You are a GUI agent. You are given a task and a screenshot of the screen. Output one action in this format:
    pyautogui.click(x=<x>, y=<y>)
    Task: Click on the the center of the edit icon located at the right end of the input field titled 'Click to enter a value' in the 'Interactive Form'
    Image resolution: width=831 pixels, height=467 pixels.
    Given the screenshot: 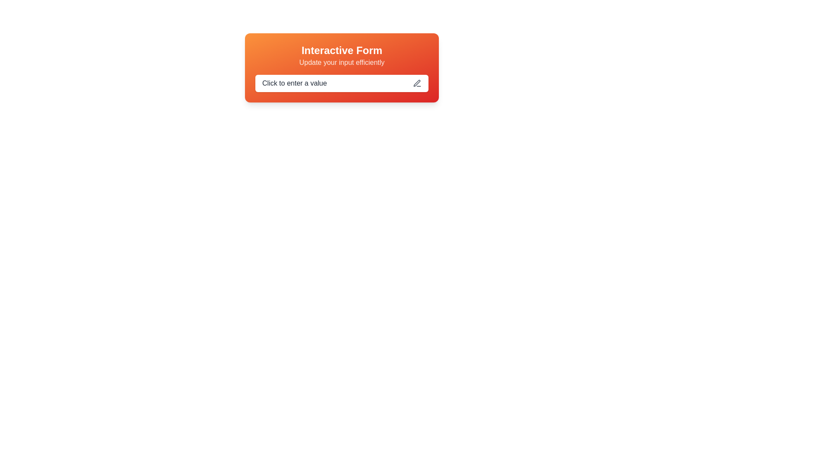 What is the action you would take?
    pyautogui.click(x=417, y=83)
    